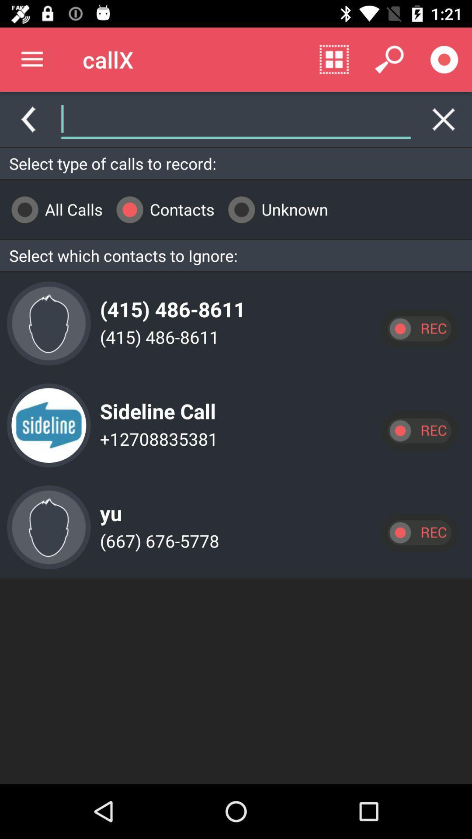 The height and width of the screenshot is (839, 472). I want to click on icon above the select type of, so click(330, 119).